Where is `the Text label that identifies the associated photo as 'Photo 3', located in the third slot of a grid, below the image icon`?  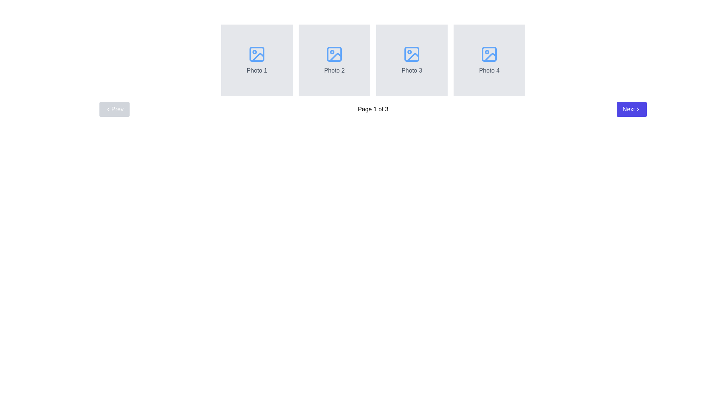 the Text label that identifies the associated photo as 'Photo 3', located in the third slot of a grid, below the image icon is located at coordinates (411, 70).